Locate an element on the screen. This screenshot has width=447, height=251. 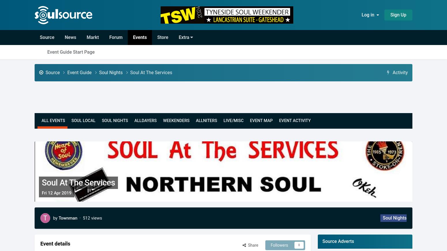
'Log in' is located at coordinates (369, 14).